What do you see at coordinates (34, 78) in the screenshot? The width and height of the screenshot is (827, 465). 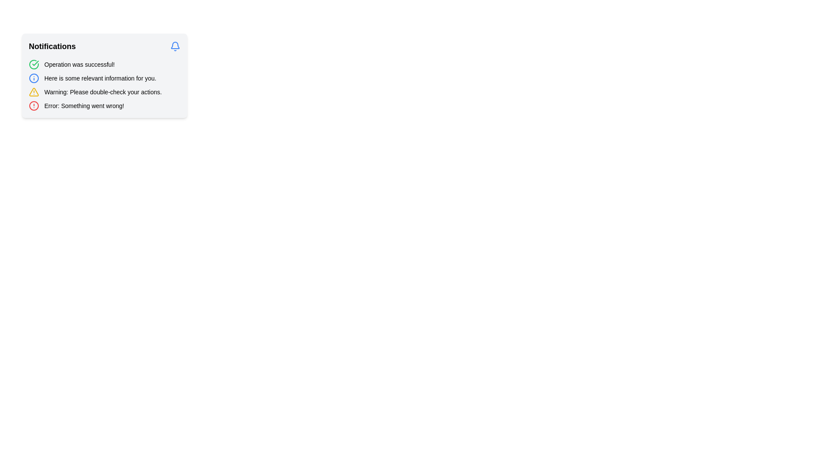 I see `the informational icon located to the left of the text 'Here is some relevant information for you.' in the second row of the notification list` at bounding box center [34, 78].